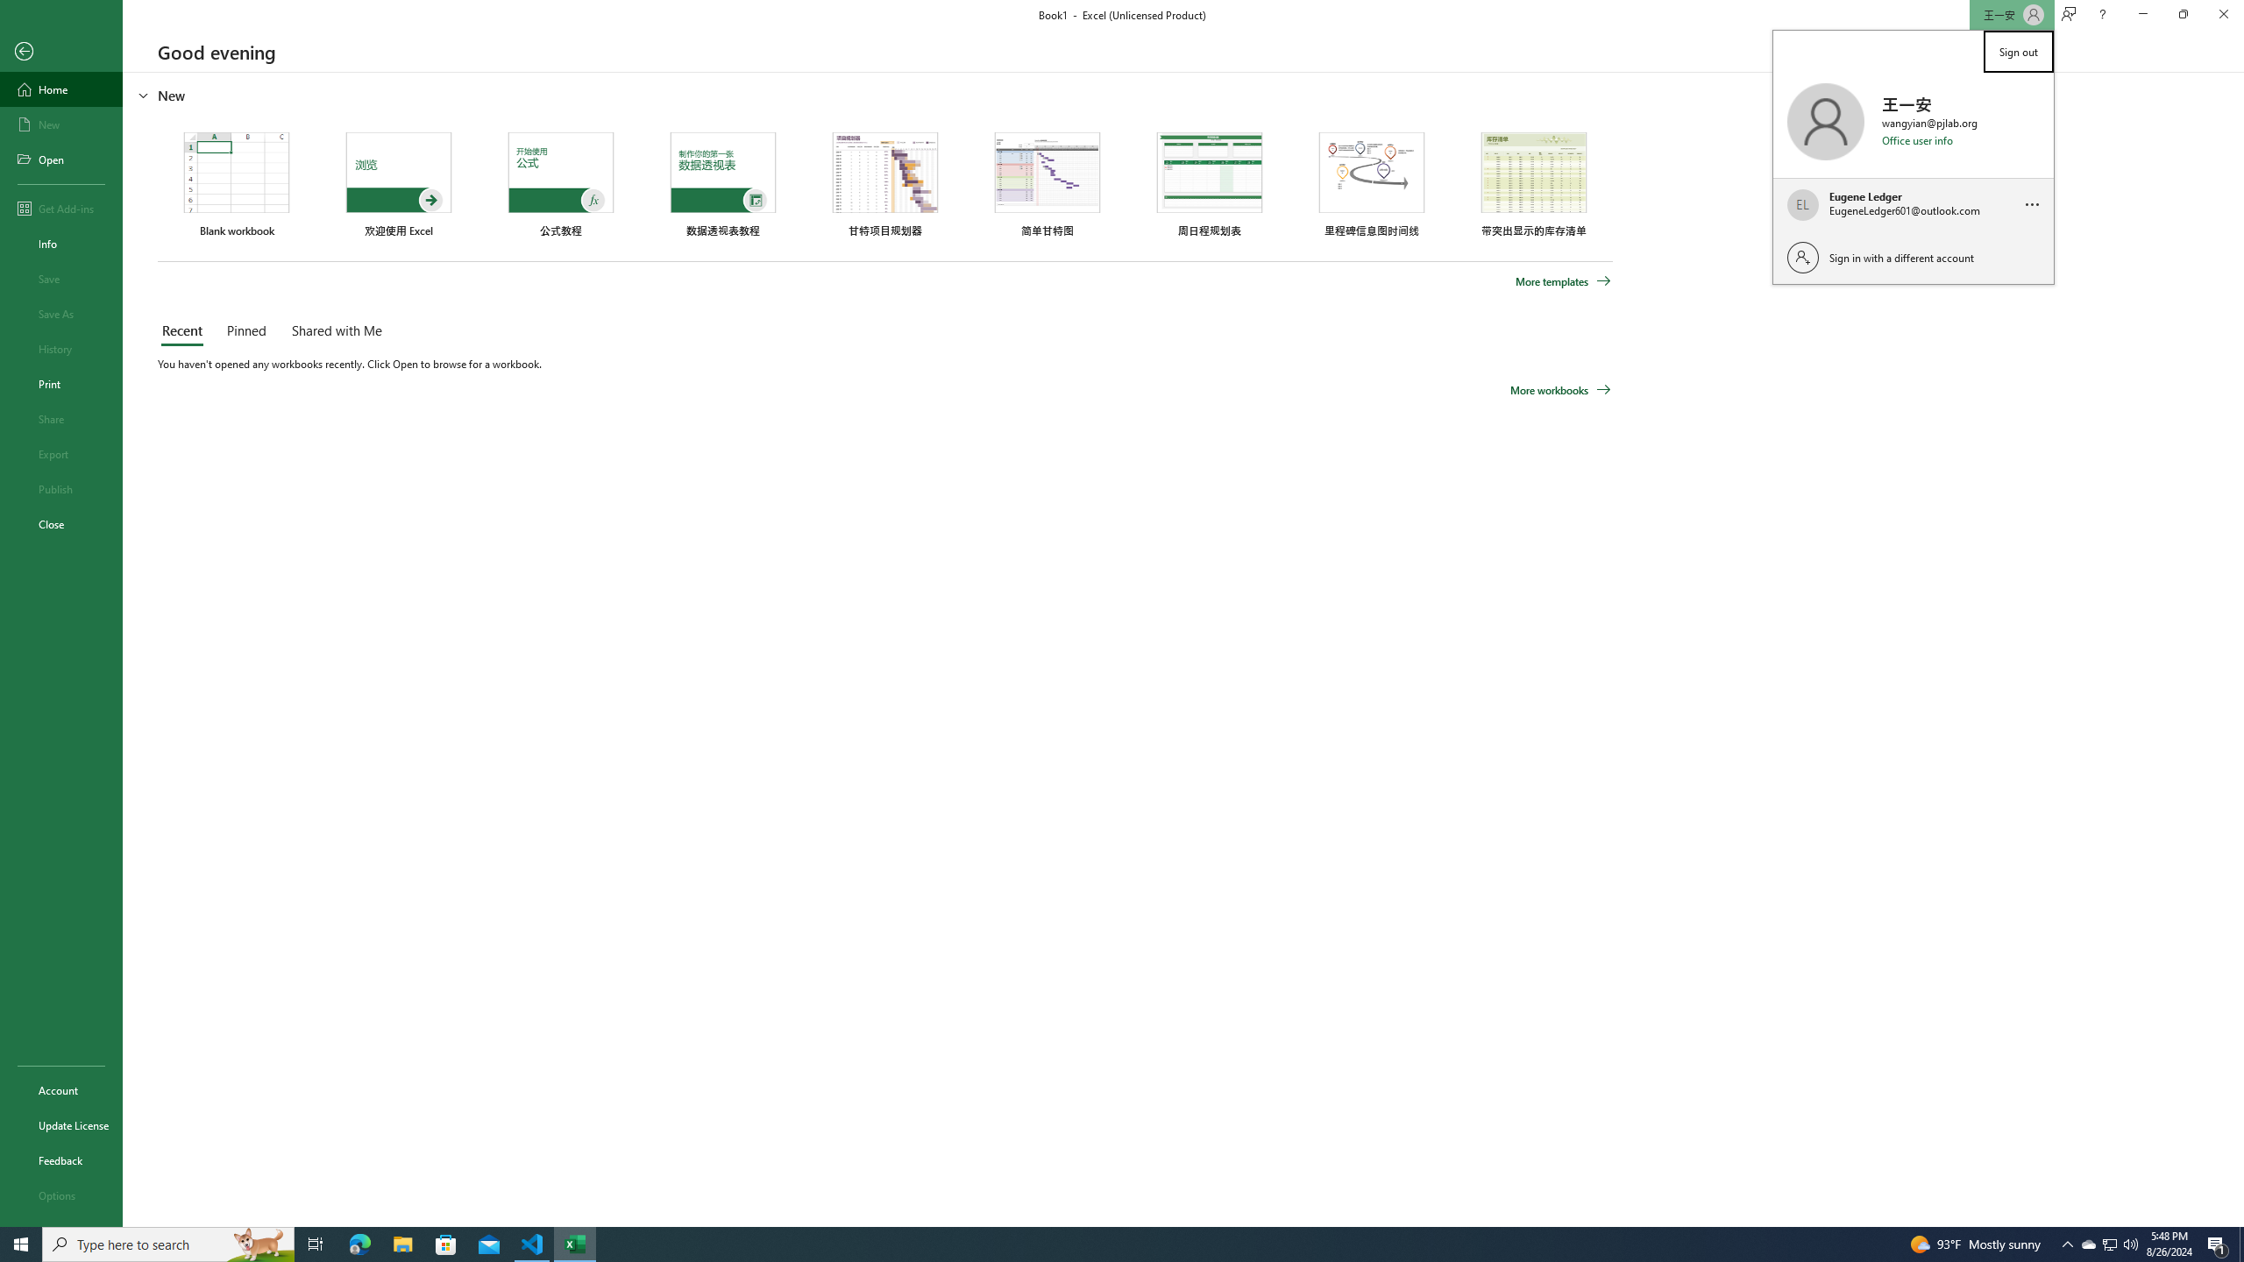 This screenshot has width=2244, height=1262. Describe the element at coordinates (446, 1243) in the screenshot. I see `'Microsoft Store'` at that location.